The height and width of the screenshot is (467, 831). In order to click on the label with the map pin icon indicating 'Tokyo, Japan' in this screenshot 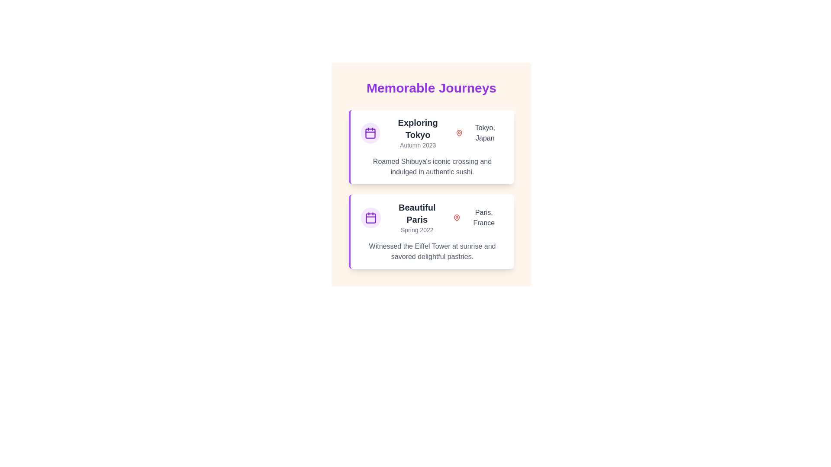, I will do `click(479, 133)`.